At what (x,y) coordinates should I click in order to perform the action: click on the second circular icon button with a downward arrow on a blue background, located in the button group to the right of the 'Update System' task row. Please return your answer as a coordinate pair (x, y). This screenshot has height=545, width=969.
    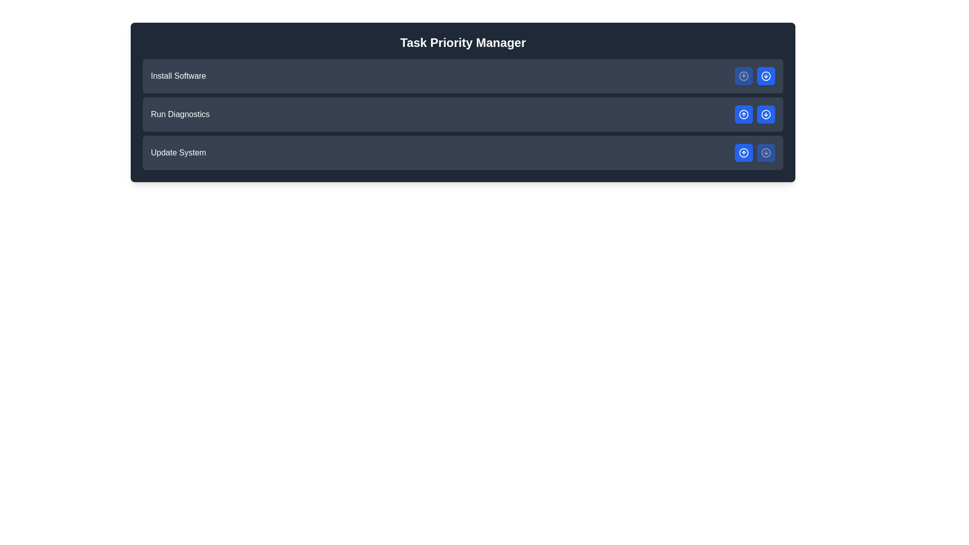
    Looking at the image, I should click on (766, 153).